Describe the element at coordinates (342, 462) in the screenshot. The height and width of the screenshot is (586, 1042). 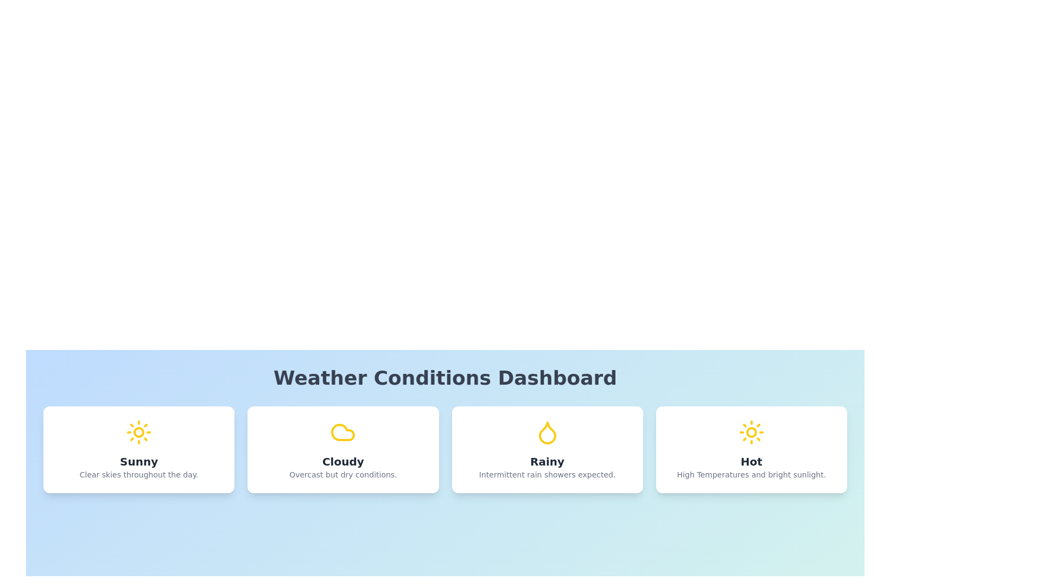
I see `text label indicating 'Cloudy' that is part of the weather condition card, located at the center of the second card from the left` at that location.